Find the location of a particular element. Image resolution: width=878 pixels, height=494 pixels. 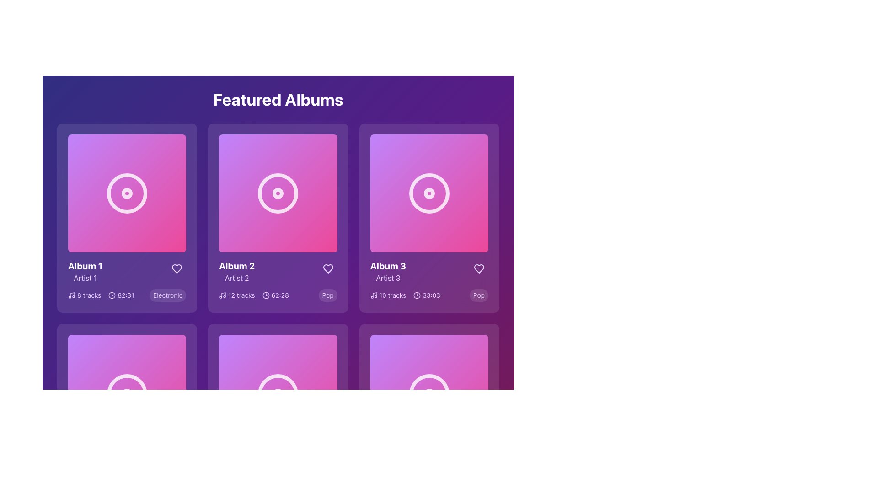

the circular icon representing 'Album 2' by 'Artist 2' is located at coordinates (278, 193).